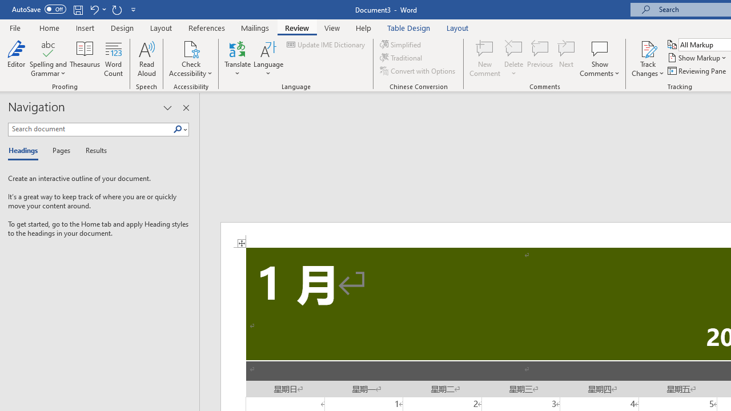 This screenshot has height=411, width=731. I want to click on 'Repeat Doc Close', so click(117, 9).